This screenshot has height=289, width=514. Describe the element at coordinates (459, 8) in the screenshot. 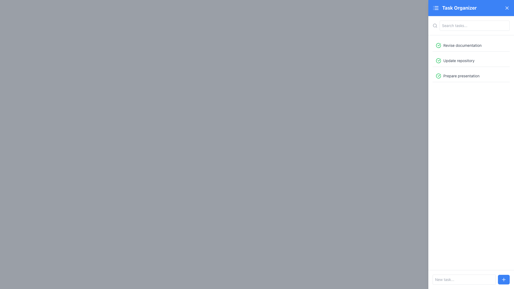

I see `the title text in the sidebar that indicates the primary purpose of the tasks displayed below it` at that location.